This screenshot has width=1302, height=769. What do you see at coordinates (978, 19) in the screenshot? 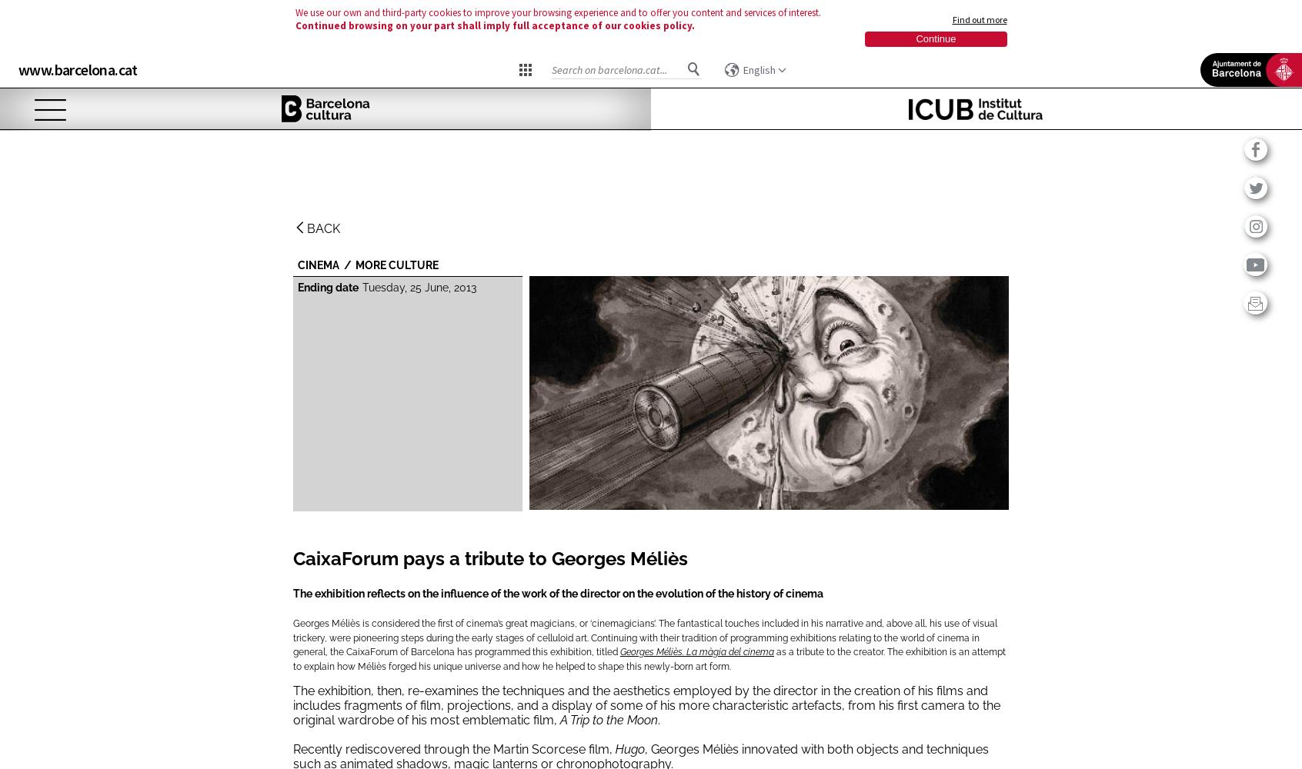
I see `'Find out more'` at bounding box center [978, 19].